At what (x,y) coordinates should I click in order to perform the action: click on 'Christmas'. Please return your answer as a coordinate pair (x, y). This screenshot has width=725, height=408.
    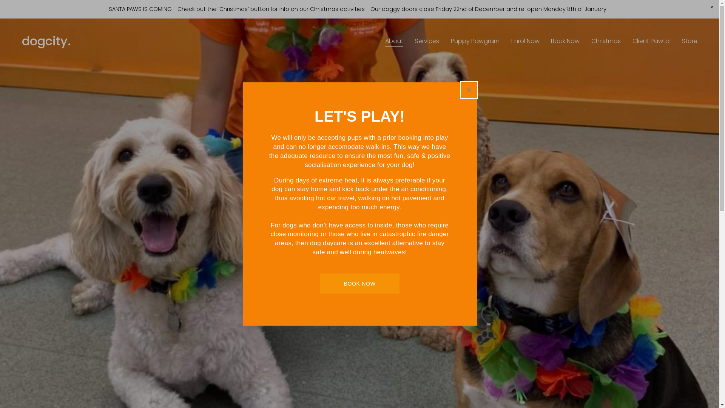
    Looking at the image, I should click on (606, 42).